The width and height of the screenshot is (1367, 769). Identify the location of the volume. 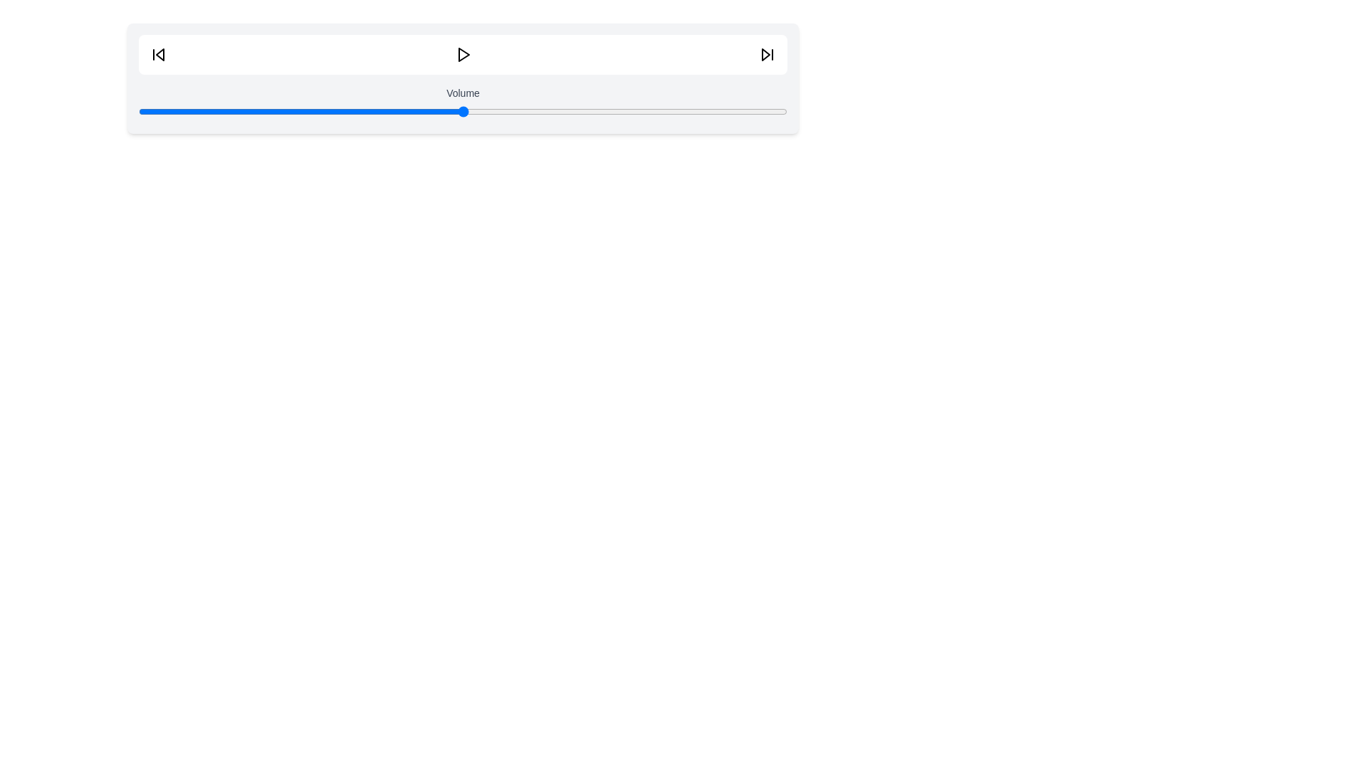
(527, 111).